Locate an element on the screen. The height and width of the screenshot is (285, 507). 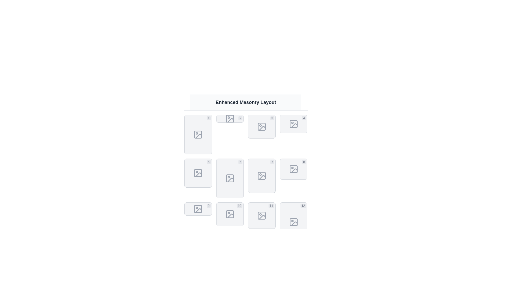
the central rectangular part of the icon component, which is the tenth entry in a grid layout of twelve items, representing an image with rounded corners is located at coordinates (230, 214).